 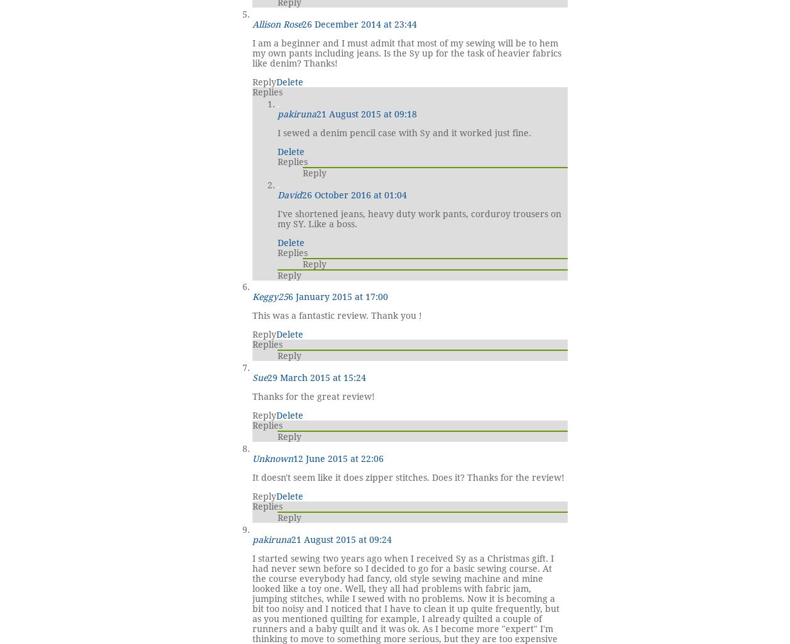 I want to click on 'Sue', so click(x=259, y=377).